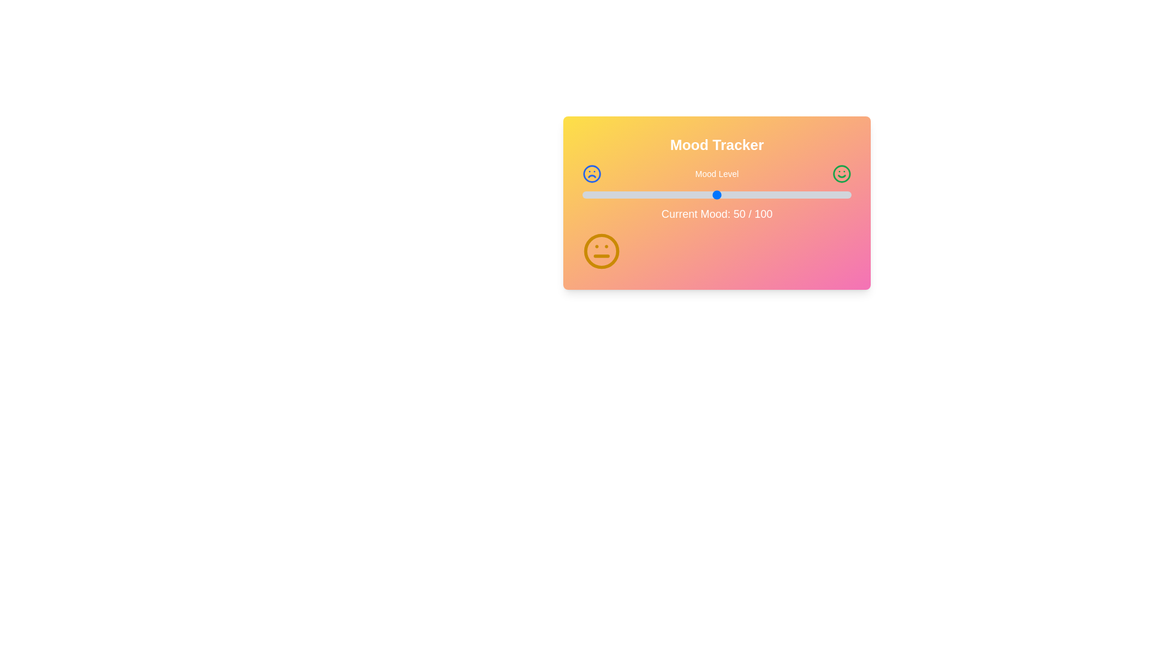 The width and height of the screenshot is (1153, 648). What do you see at coordinates (588, 194) in the screenshot?
I see `the mood level slider to 2 where mood_level is a percentage between 0 and 100` at bounding box center [588, 194].